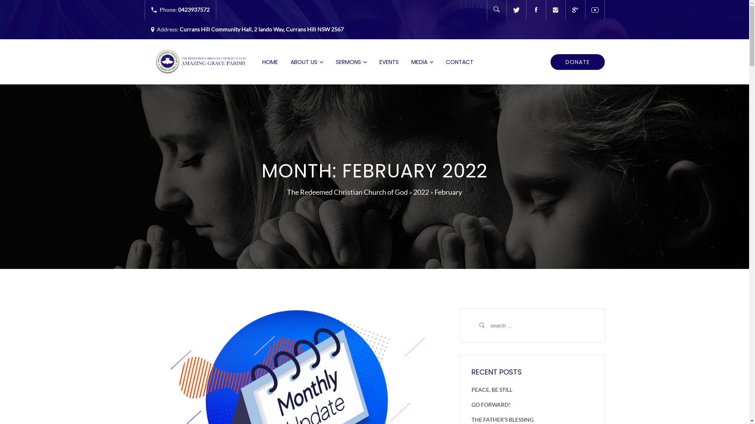 Image resolution: width=755 pixels, height=424 pixels. I want to click on 'GO FORWARD!', so click(490, 404).